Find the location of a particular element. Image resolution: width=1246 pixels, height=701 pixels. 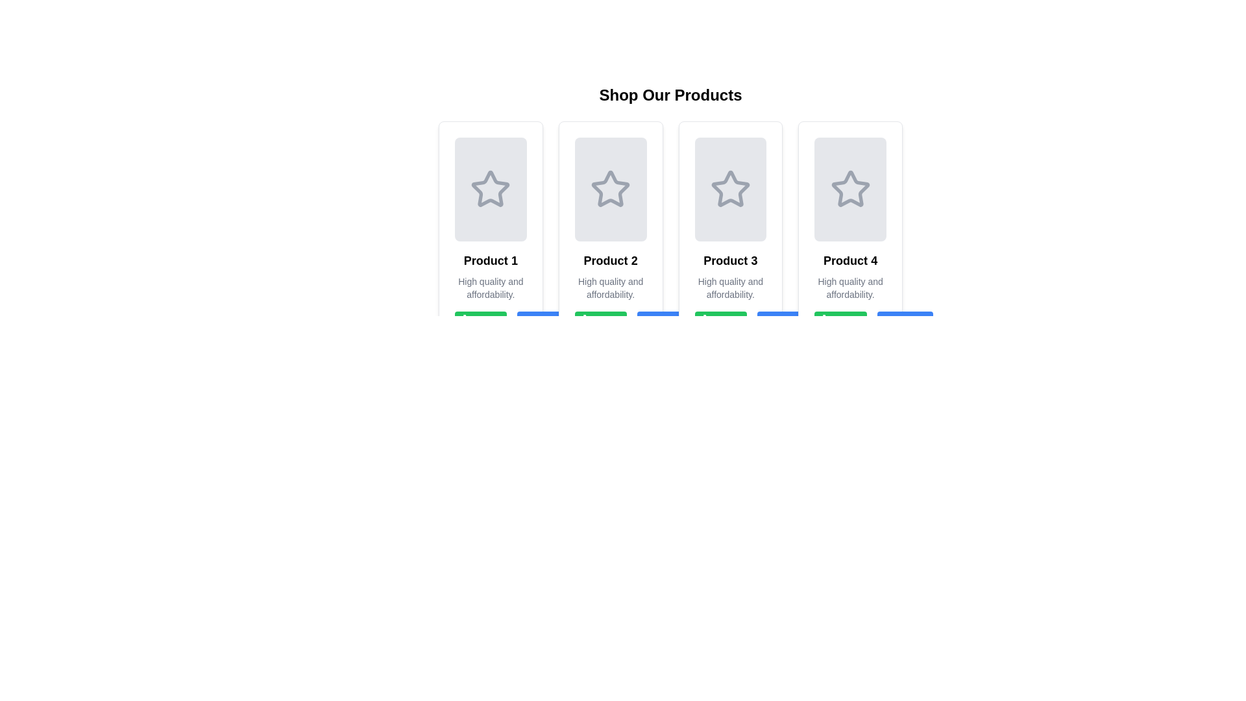

the eye icon to the left of the text 'View' within the button located in the bottom section of the first product card on the left is located at coordinates (533, 321).